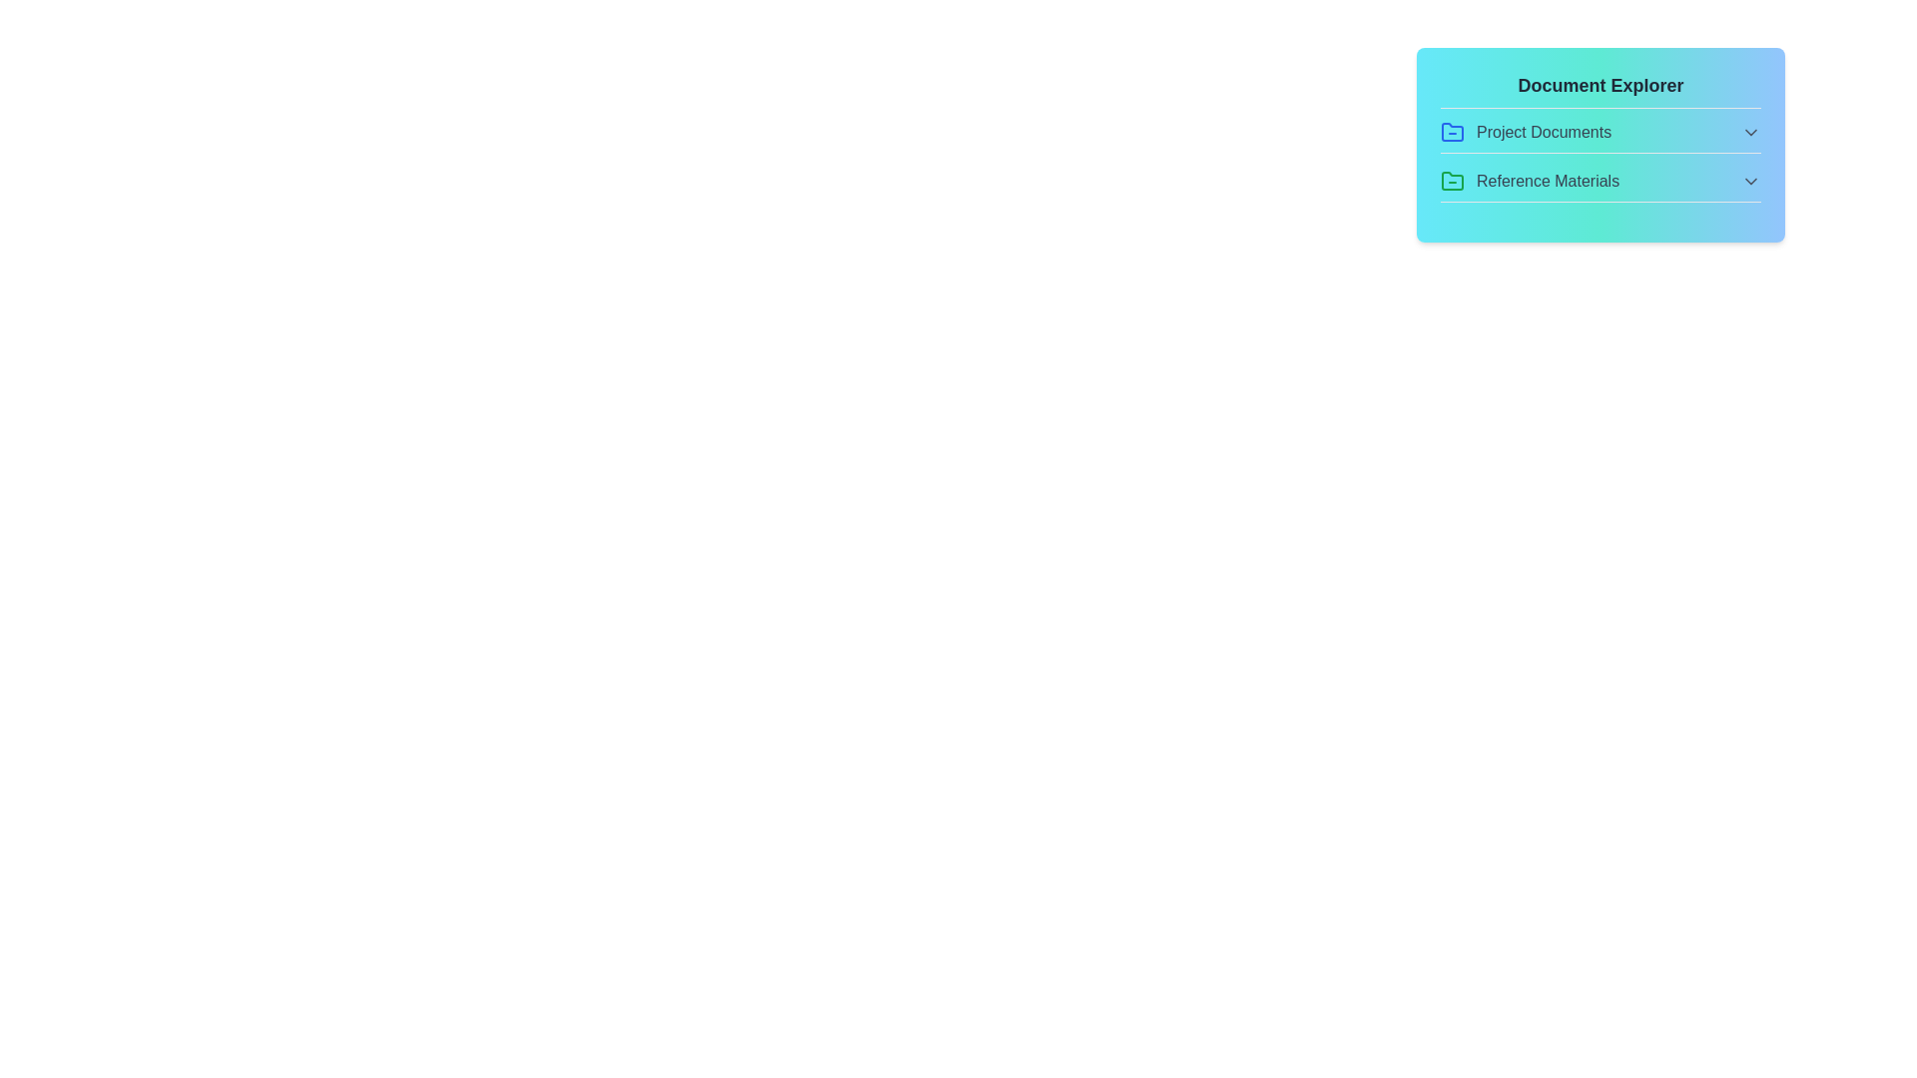  I want to click on the file Timeline.docx from the section Reference Materials, so click(1600, 186).